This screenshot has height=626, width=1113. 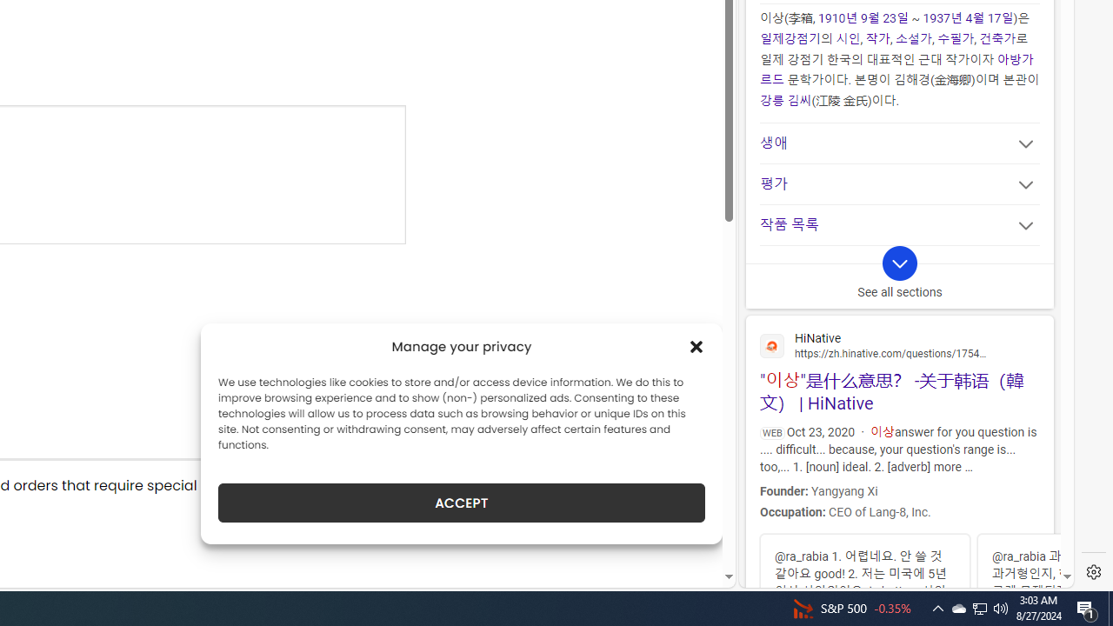 I want to click on 'Occupation: CEO of Lang-8, Inc.', so click(x=897, y=509).